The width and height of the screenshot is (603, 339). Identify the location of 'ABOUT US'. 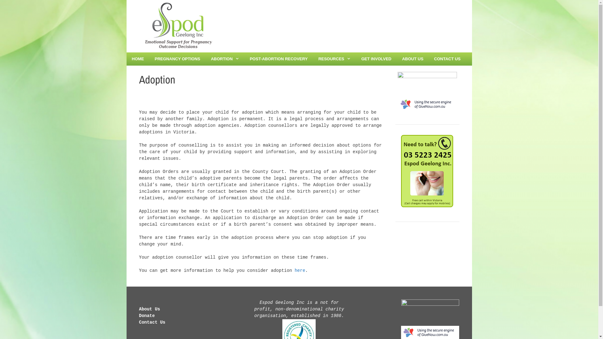
(396, 59).